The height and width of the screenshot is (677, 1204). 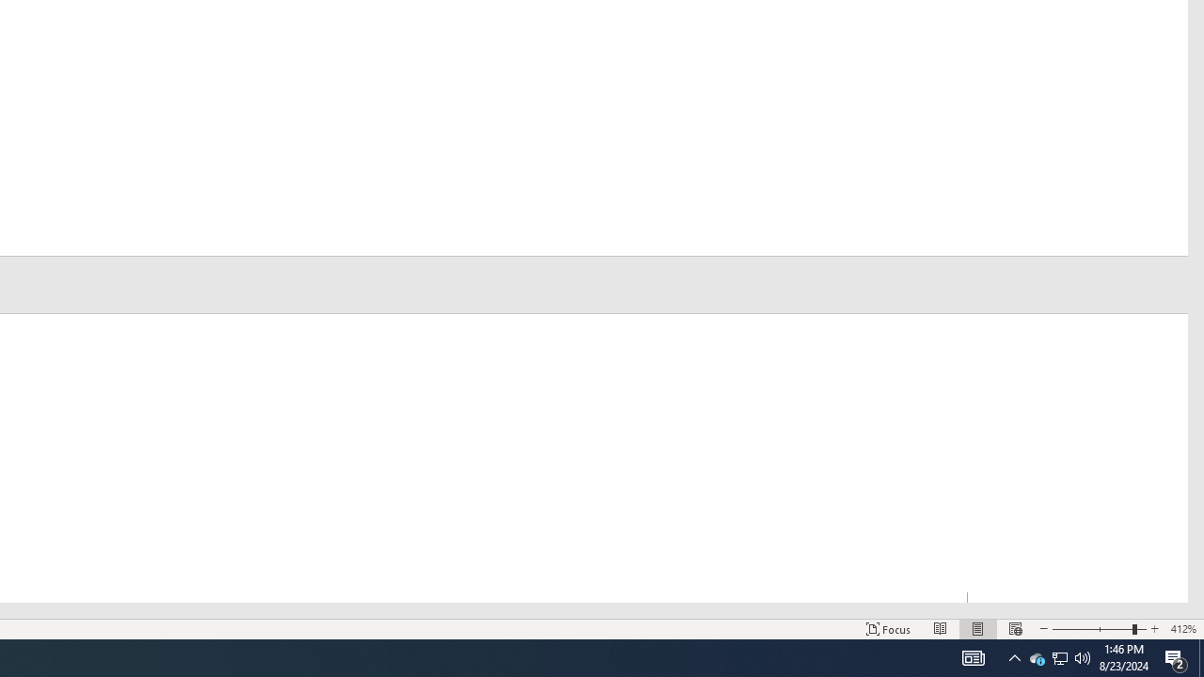 I want to click on 'User Promoted Notification Area', so click(x=1060, y=656).